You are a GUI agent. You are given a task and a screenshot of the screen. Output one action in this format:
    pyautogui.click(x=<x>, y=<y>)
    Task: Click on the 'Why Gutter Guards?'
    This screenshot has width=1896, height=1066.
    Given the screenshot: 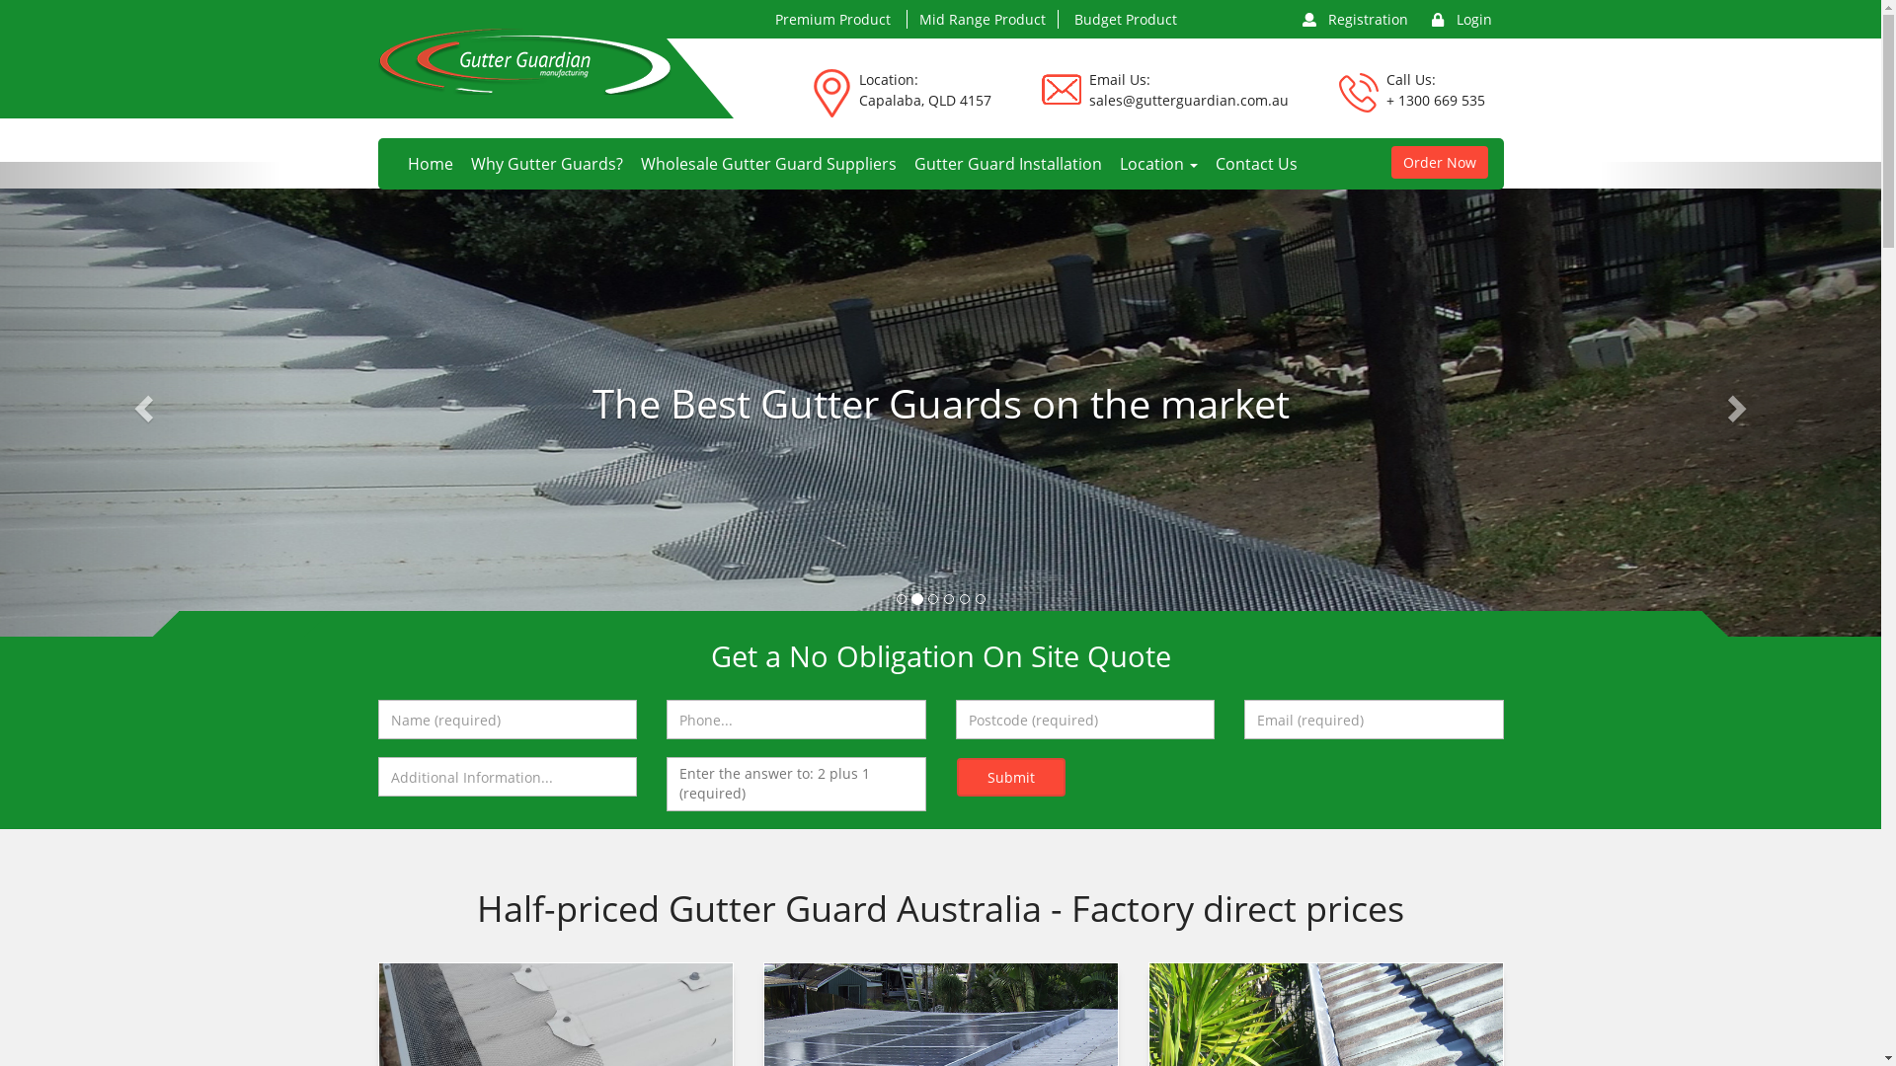 What is the action you would take?
    pyautogui.click(x=460, y=162)
    